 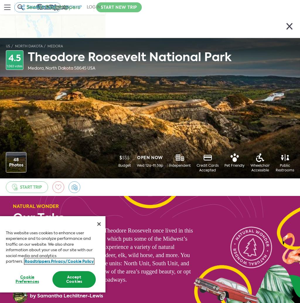 I want to click on 'Accessible', so click(x=260, y=170).